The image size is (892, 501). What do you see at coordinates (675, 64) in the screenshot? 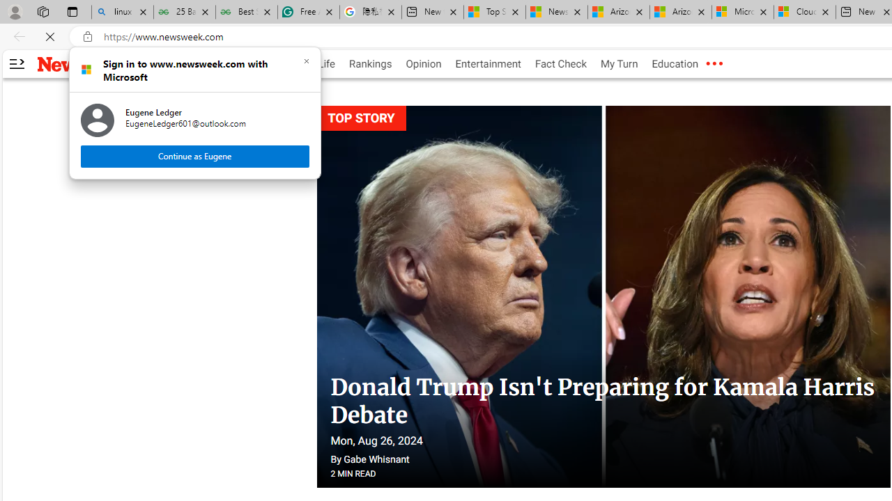
I see `'Education'` at bounding box center [675, 64].